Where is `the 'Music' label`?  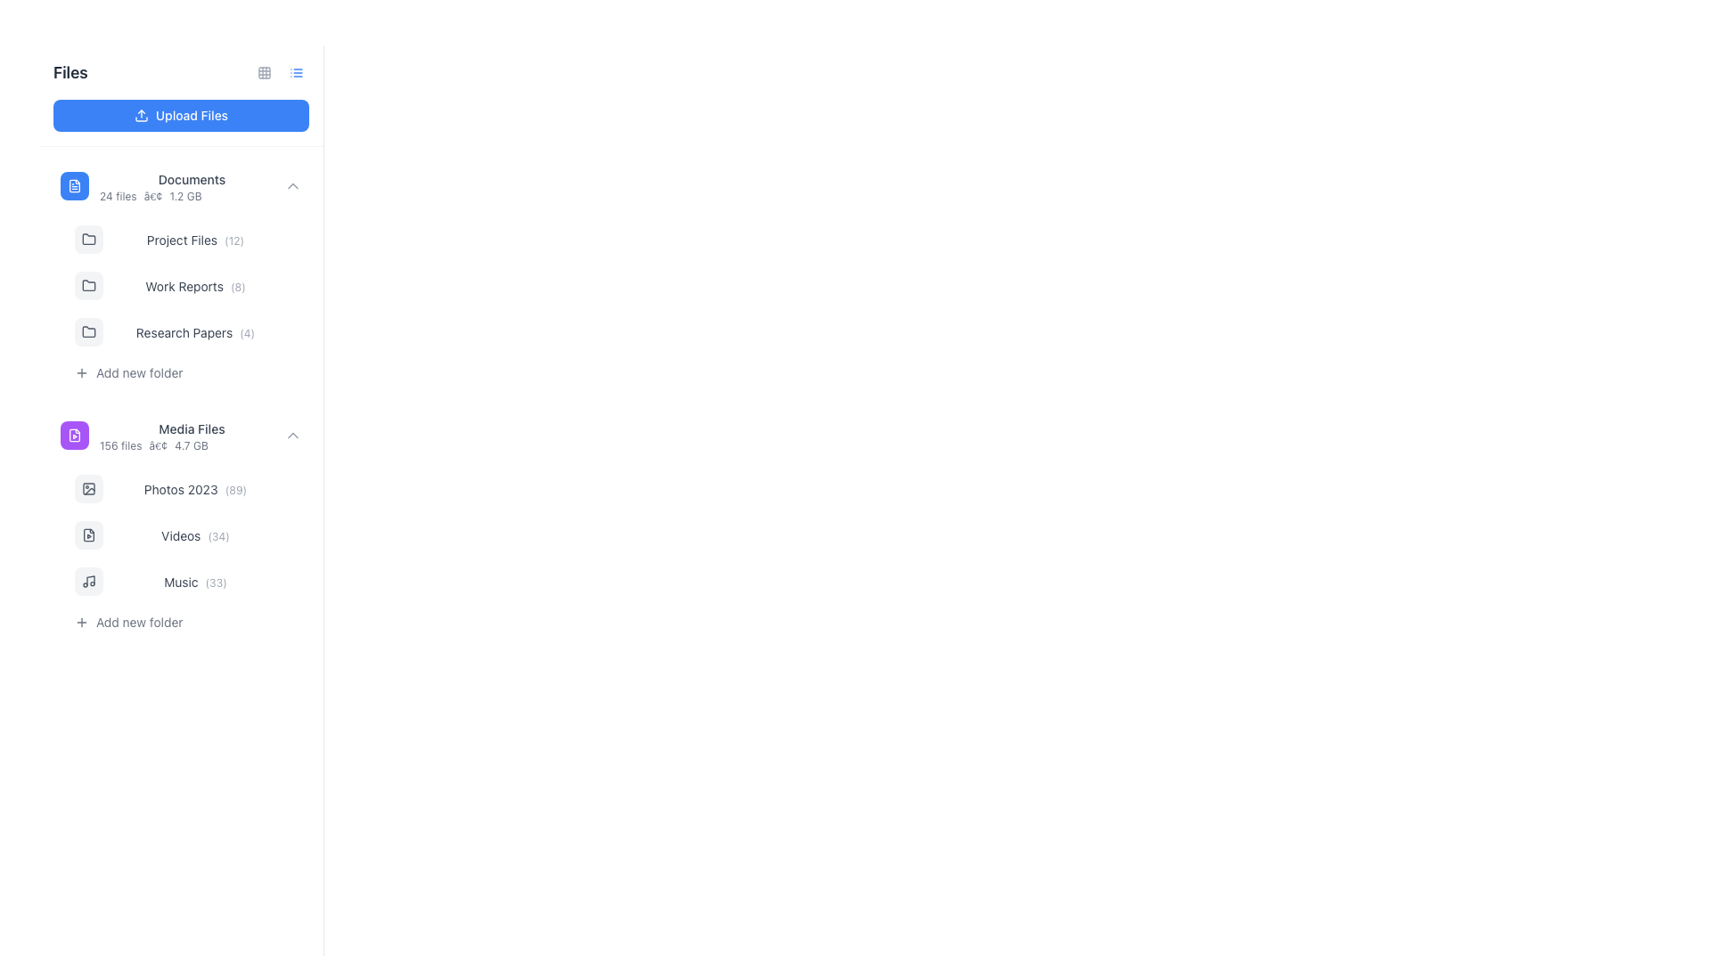 the 'Music' label is located at coordinates (181, 582).